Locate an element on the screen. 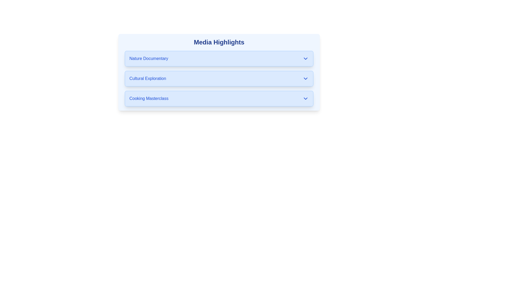 This screenshot has height=284, width=505. the 'Cultural Exploration' button with a dropdown indicator for keyboard navigation is located at coordinates (219, 79).